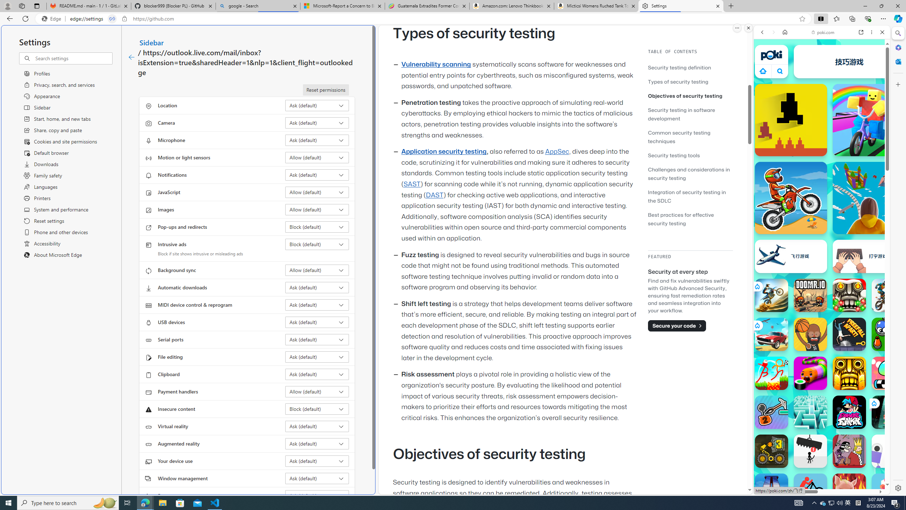 This screenshot has width=906, height=510. Describe the element at coordinates (317, 209) in the screenshot. I see `'Images Allow (default)'` at that location.